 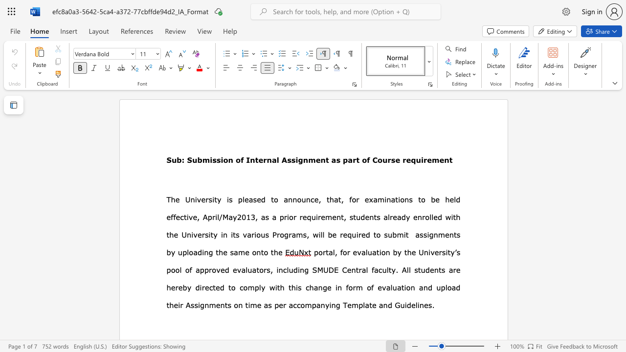 I want to click on the subset text "te" within the text "plate and Guidelines", so click(x=369, y=305).